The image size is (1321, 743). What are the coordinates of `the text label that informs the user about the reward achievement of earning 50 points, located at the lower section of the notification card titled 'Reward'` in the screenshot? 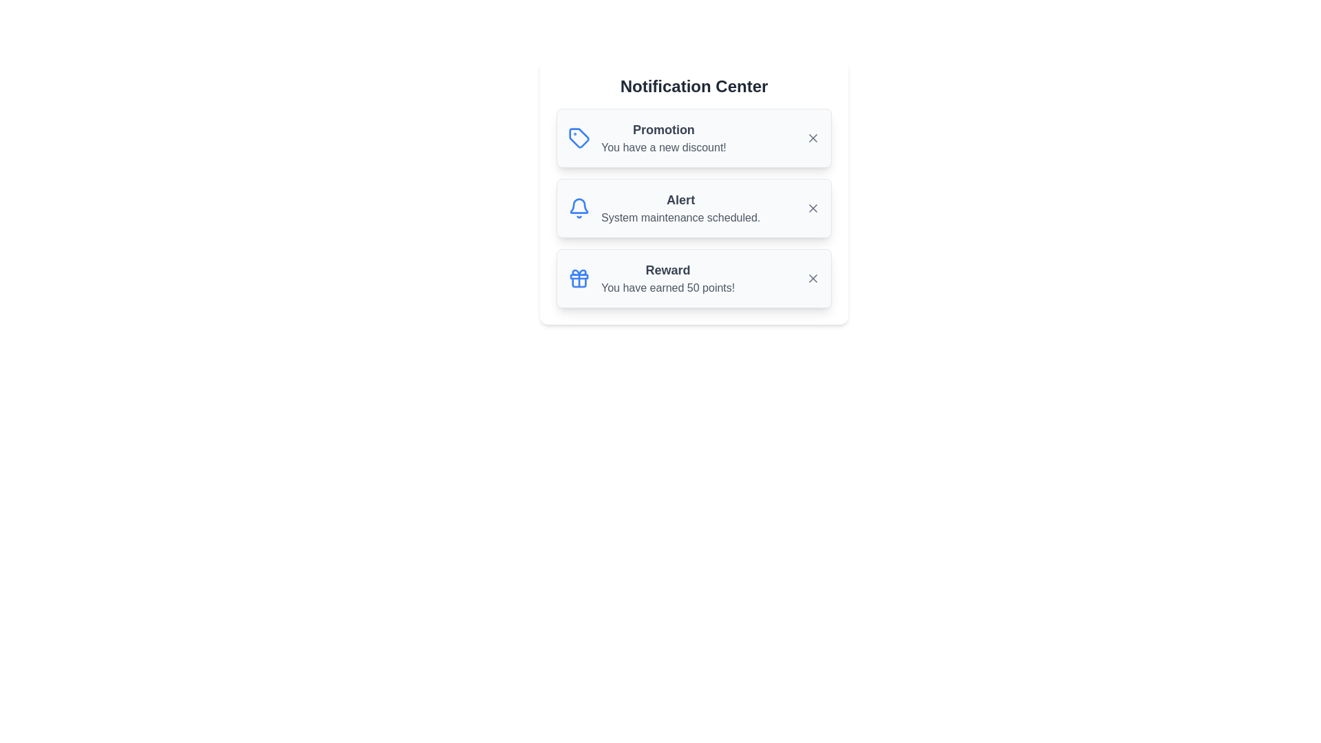 It's located at (668, 288).